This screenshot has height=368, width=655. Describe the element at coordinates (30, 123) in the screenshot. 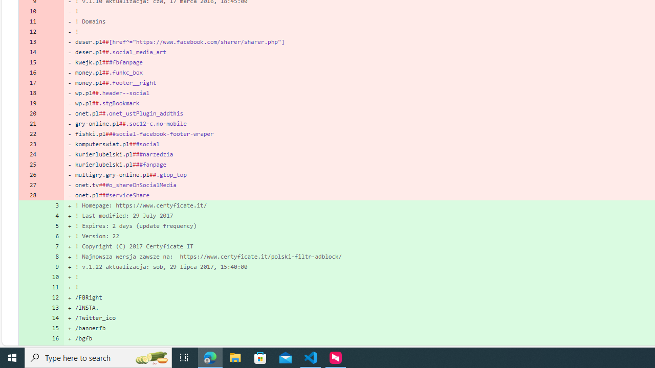

I see `'21'` at that location.